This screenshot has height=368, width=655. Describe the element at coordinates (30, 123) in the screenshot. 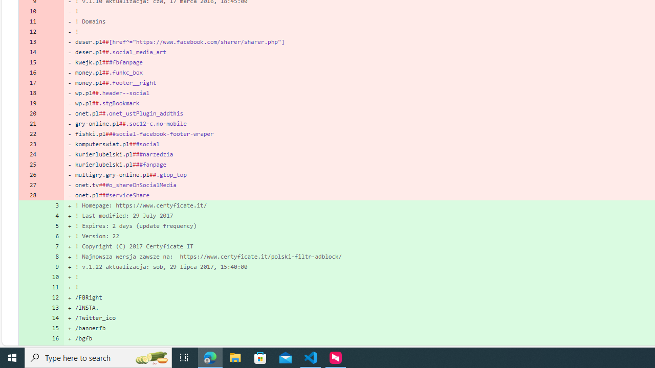

I see `'21'` at that location.